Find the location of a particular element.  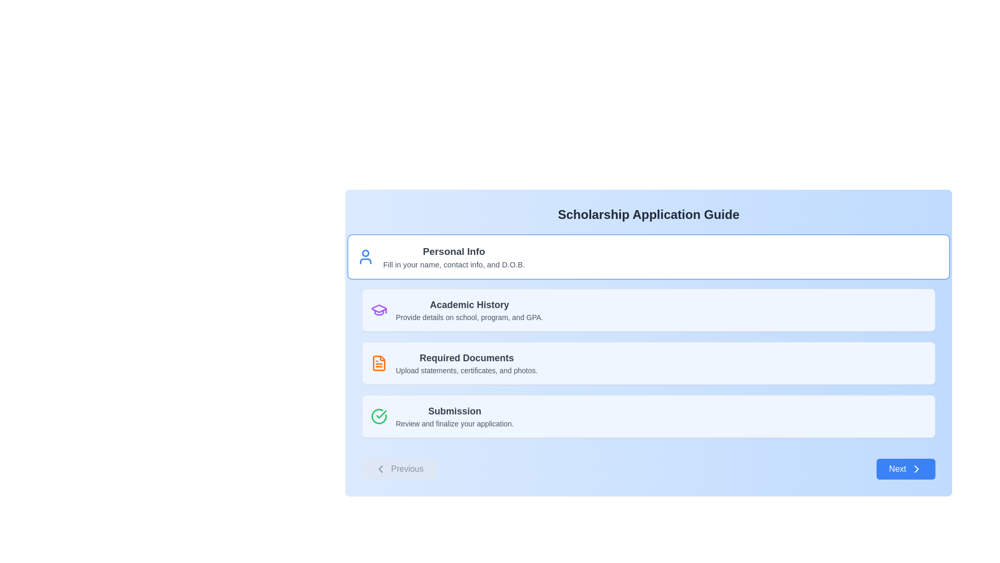

the user profile icon, which is a circular outline with a blue color, located to the left of the 'Personal Info' label is located at coordinates (366, 257).